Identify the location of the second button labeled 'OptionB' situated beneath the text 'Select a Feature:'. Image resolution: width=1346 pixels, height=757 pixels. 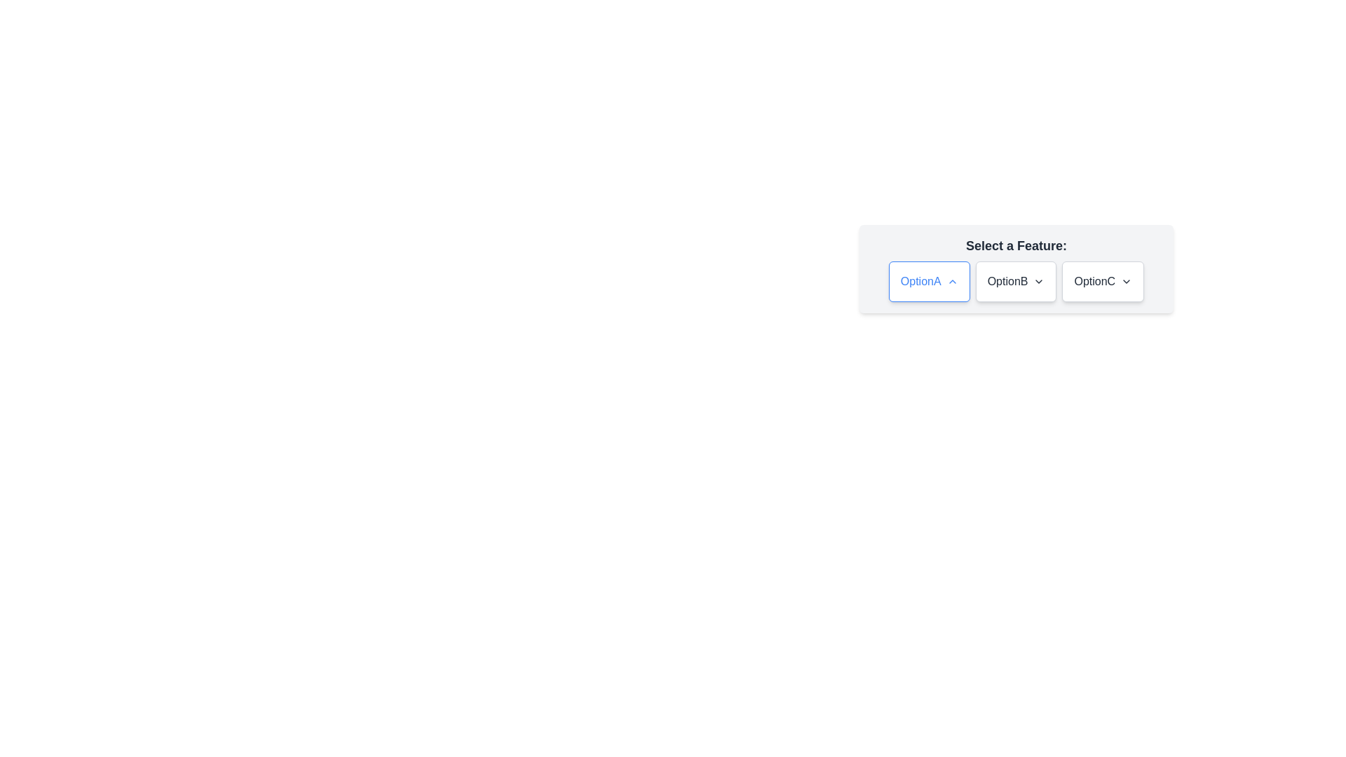
(1016, 281).